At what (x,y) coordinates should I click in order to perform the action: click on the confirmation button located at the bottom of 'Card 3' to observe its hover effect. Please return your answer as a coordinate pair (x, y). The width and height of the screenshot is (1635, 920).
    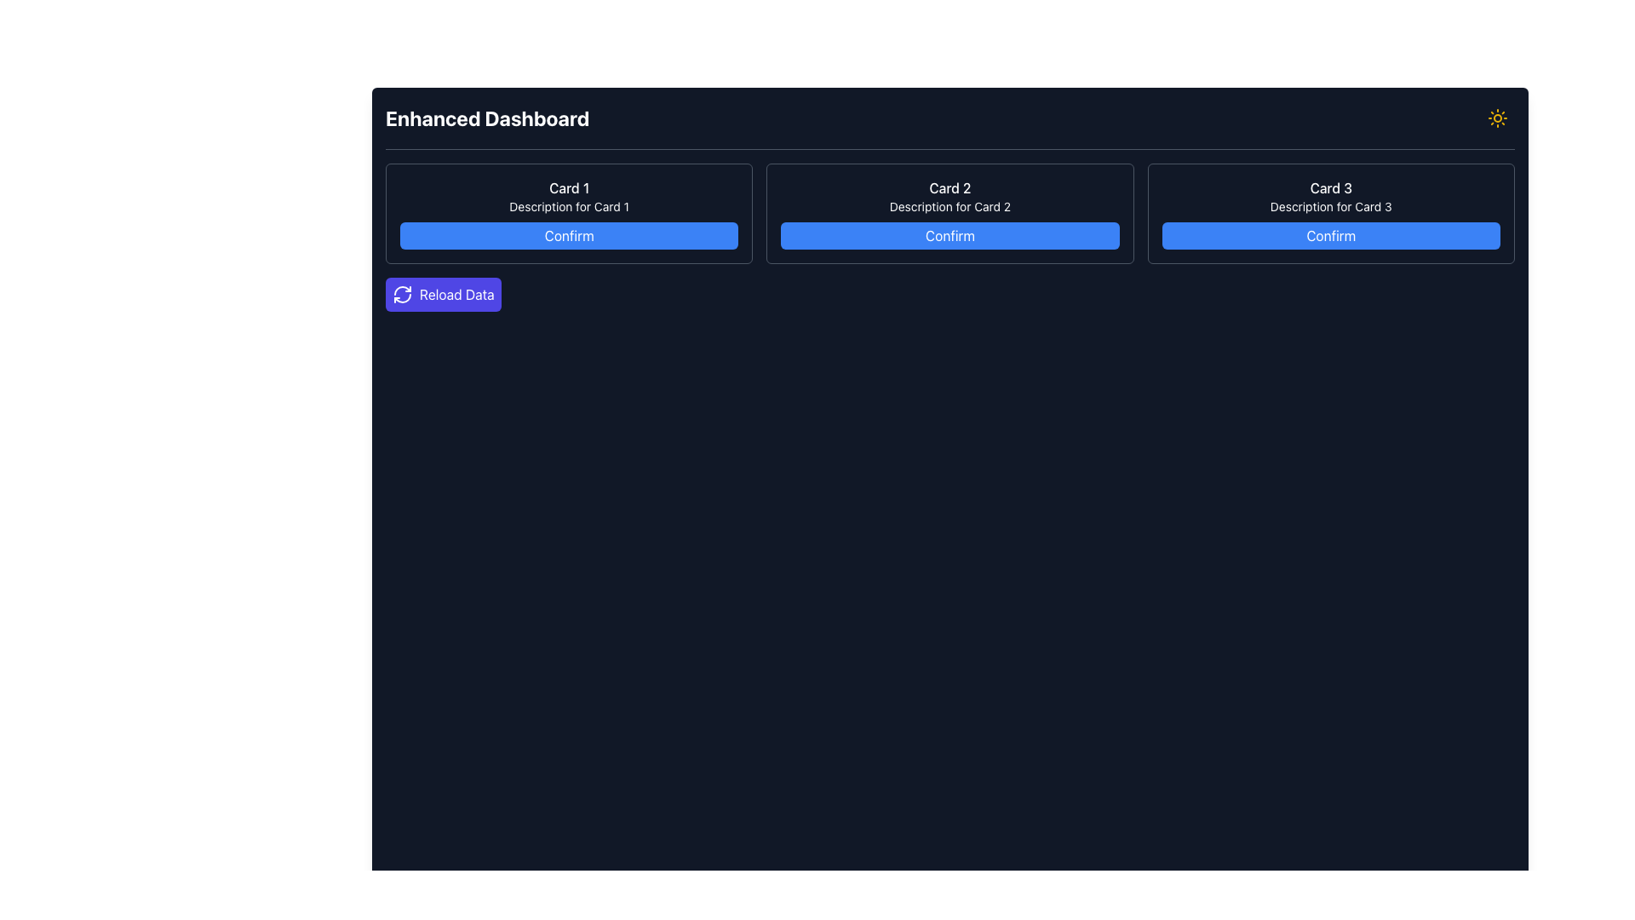
    Looking at the image, I should click on (1330, 236).